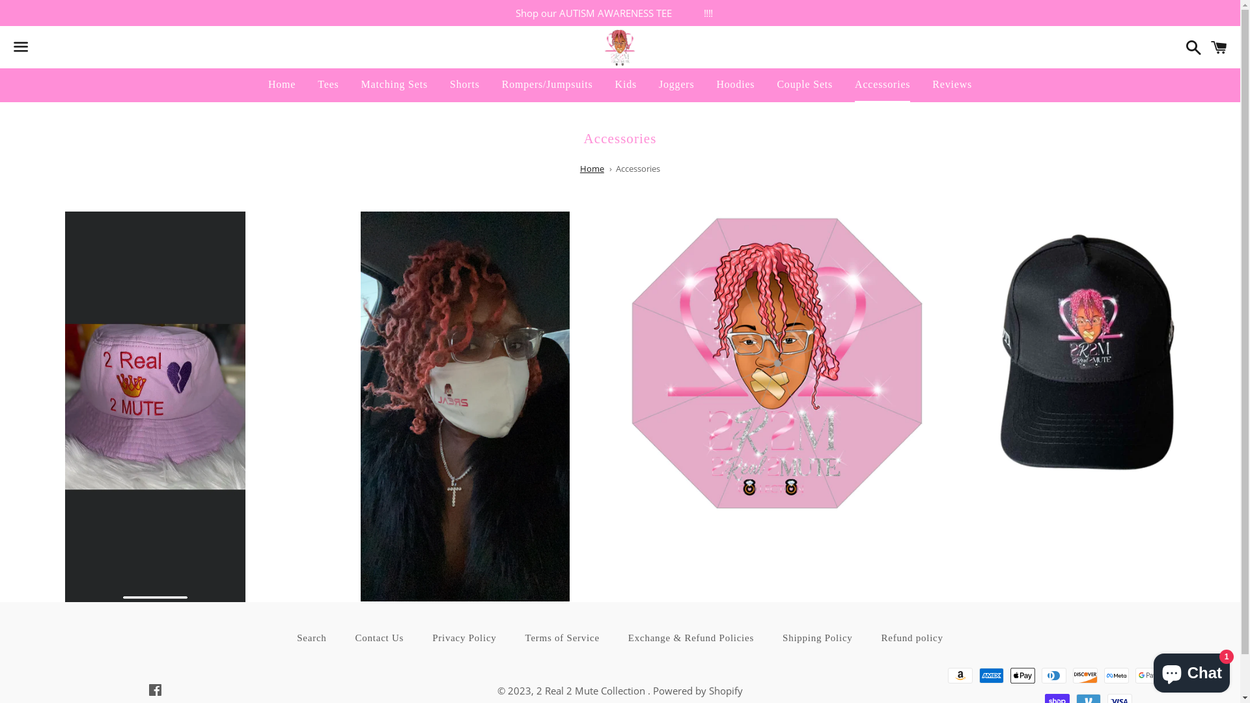 The width and height of the screenshot is (1250, 703). I want to click on 'Shopify online store chat', so click(1191, 670).